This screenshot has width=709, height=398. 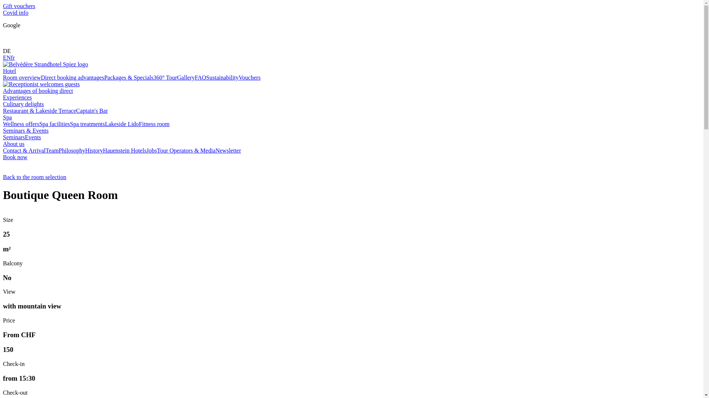 I want to click on 'Spa facilities', so click(x=54, y=123).